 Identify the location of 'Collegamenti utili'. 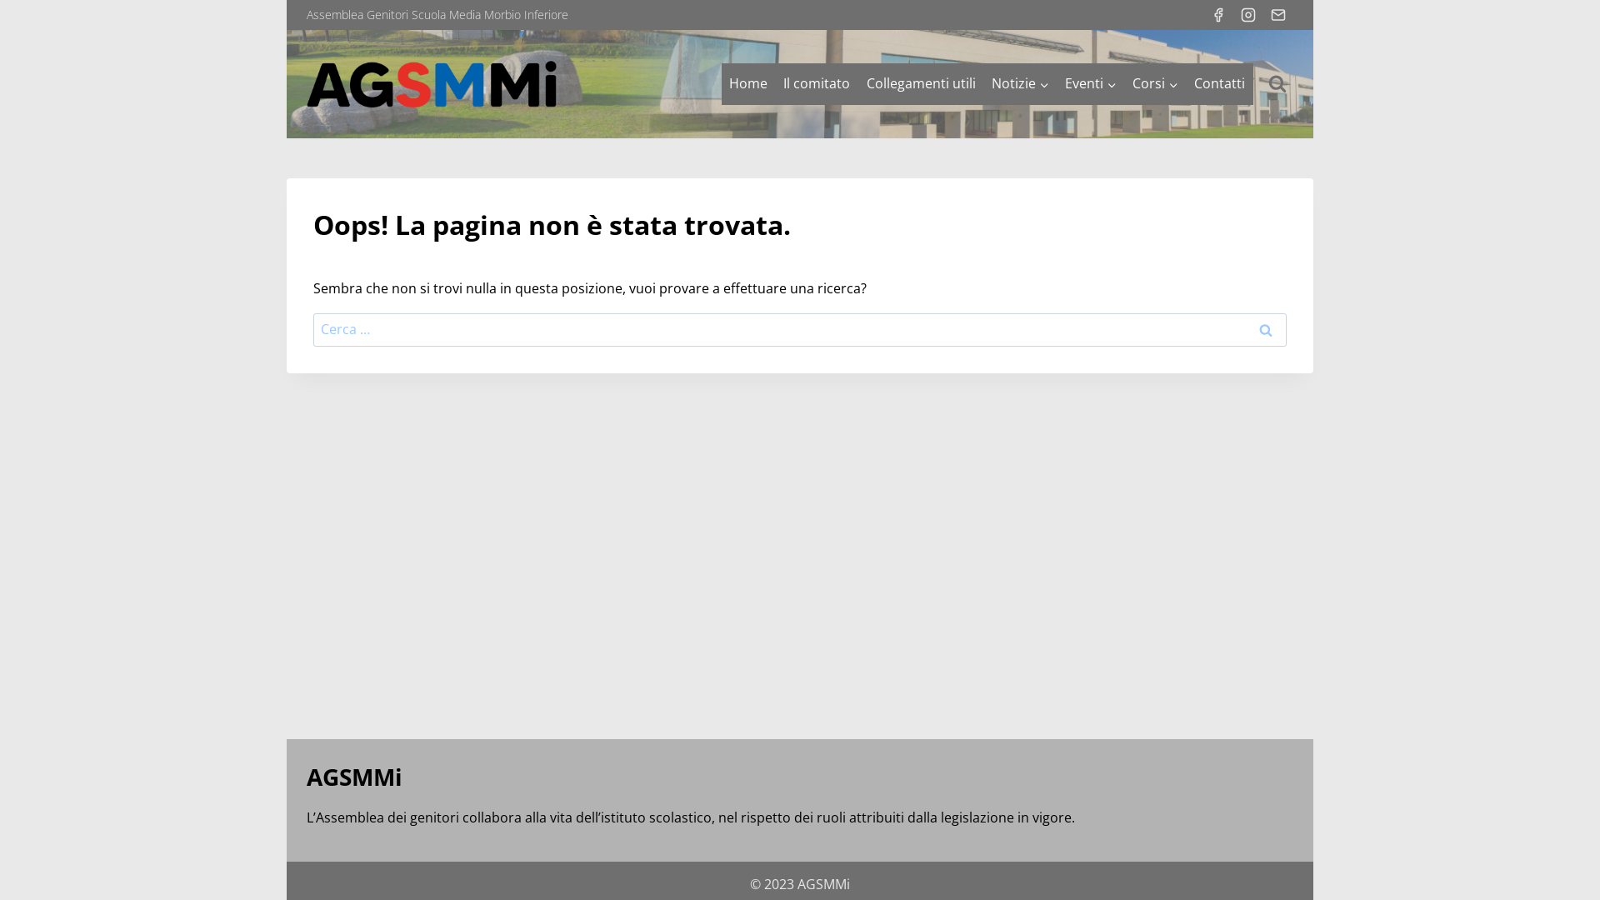
(919, 83).